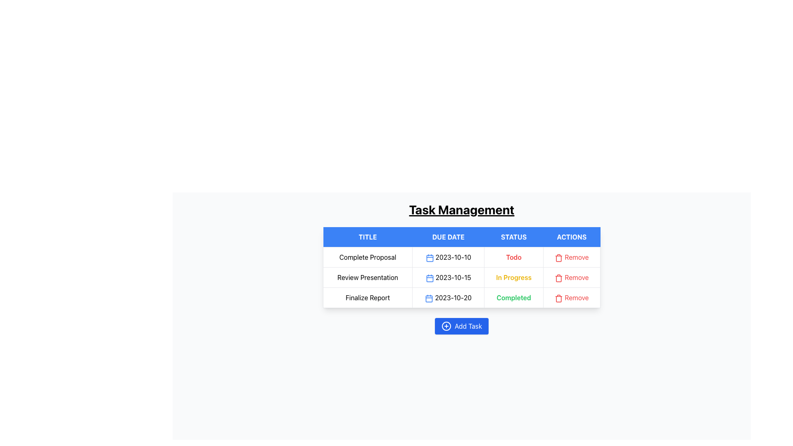  What do you see at coordinates (559, 278) in the screenshot?
I see `the trash icon button in the 'Actions' column of the table` at bounding box center [559, 278].